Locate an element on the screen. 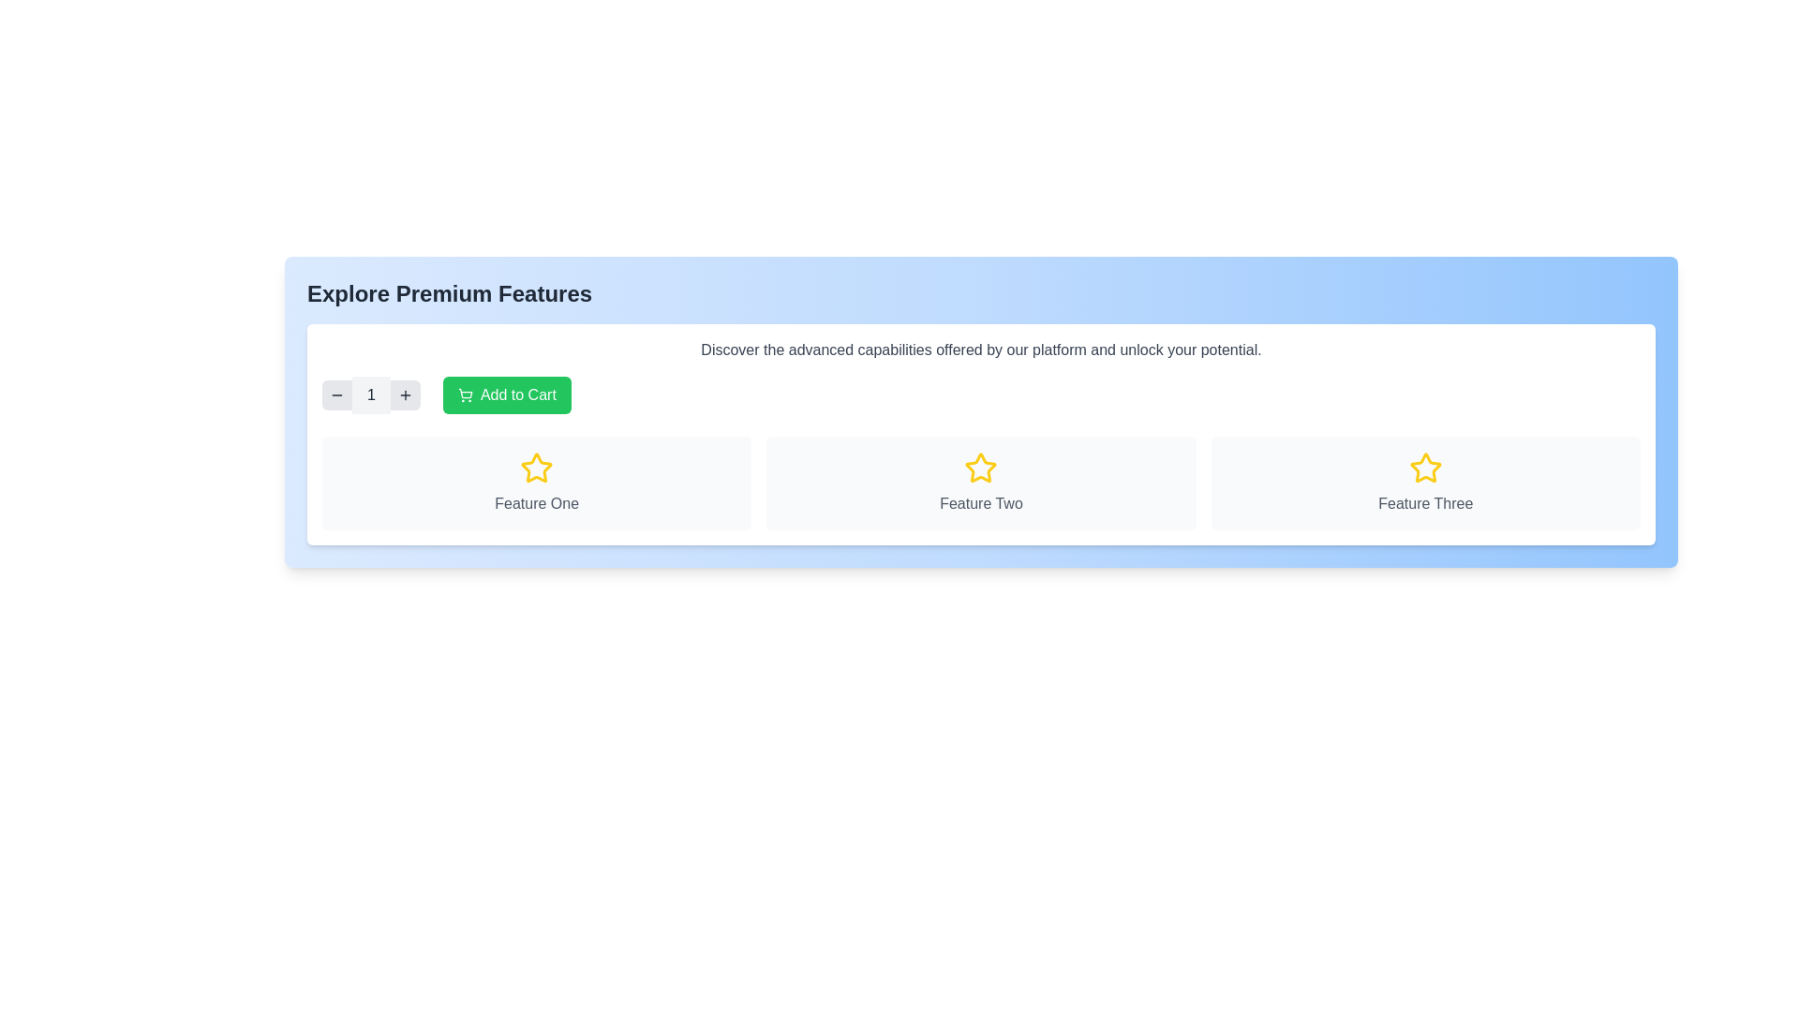 The width and height of the screenshot is (1799, 1012). the Numeric Display element that shows the value '1', which is located between the '-' and '+' buttons in a numeric stepper functionality is located at coordinates (371, 394).